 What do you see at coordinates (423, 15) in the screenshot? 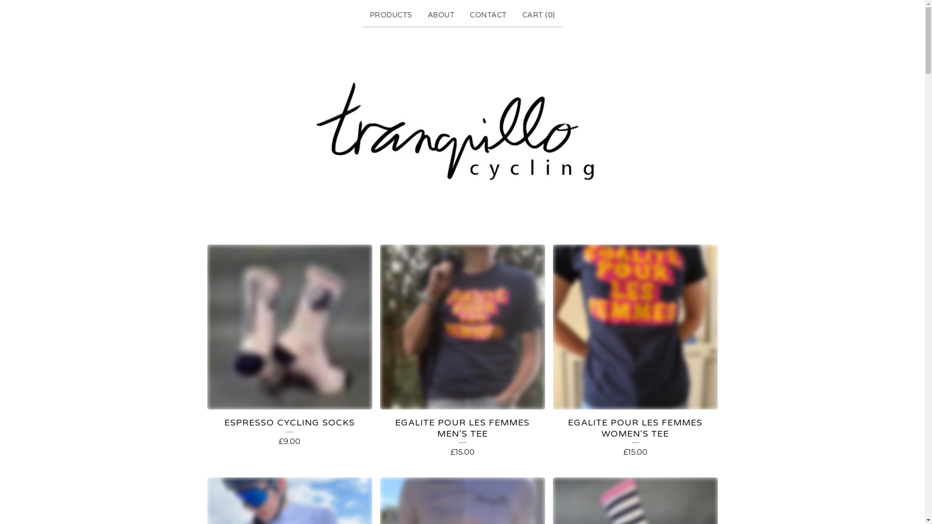
I see `'ABOUT'` at bounding box center [423, 15].